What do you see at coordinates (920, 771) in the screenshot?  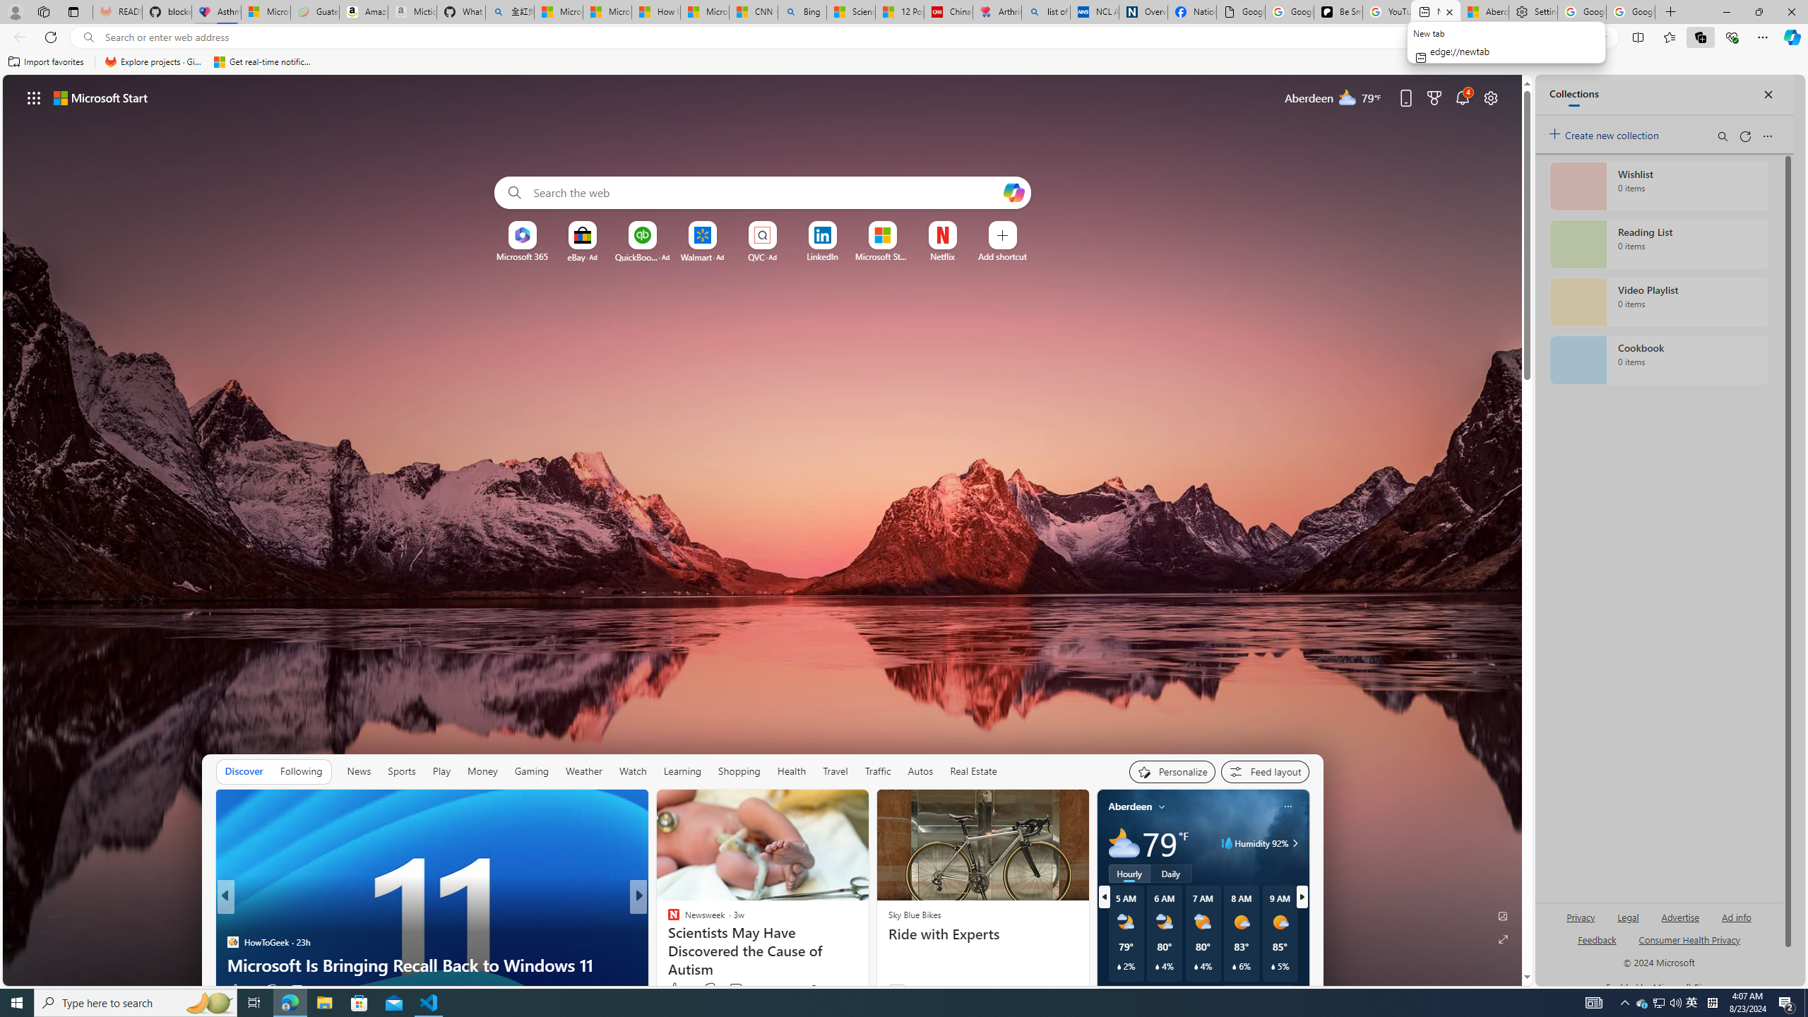 I see `'Autos'` at bounding box center [920, 771].